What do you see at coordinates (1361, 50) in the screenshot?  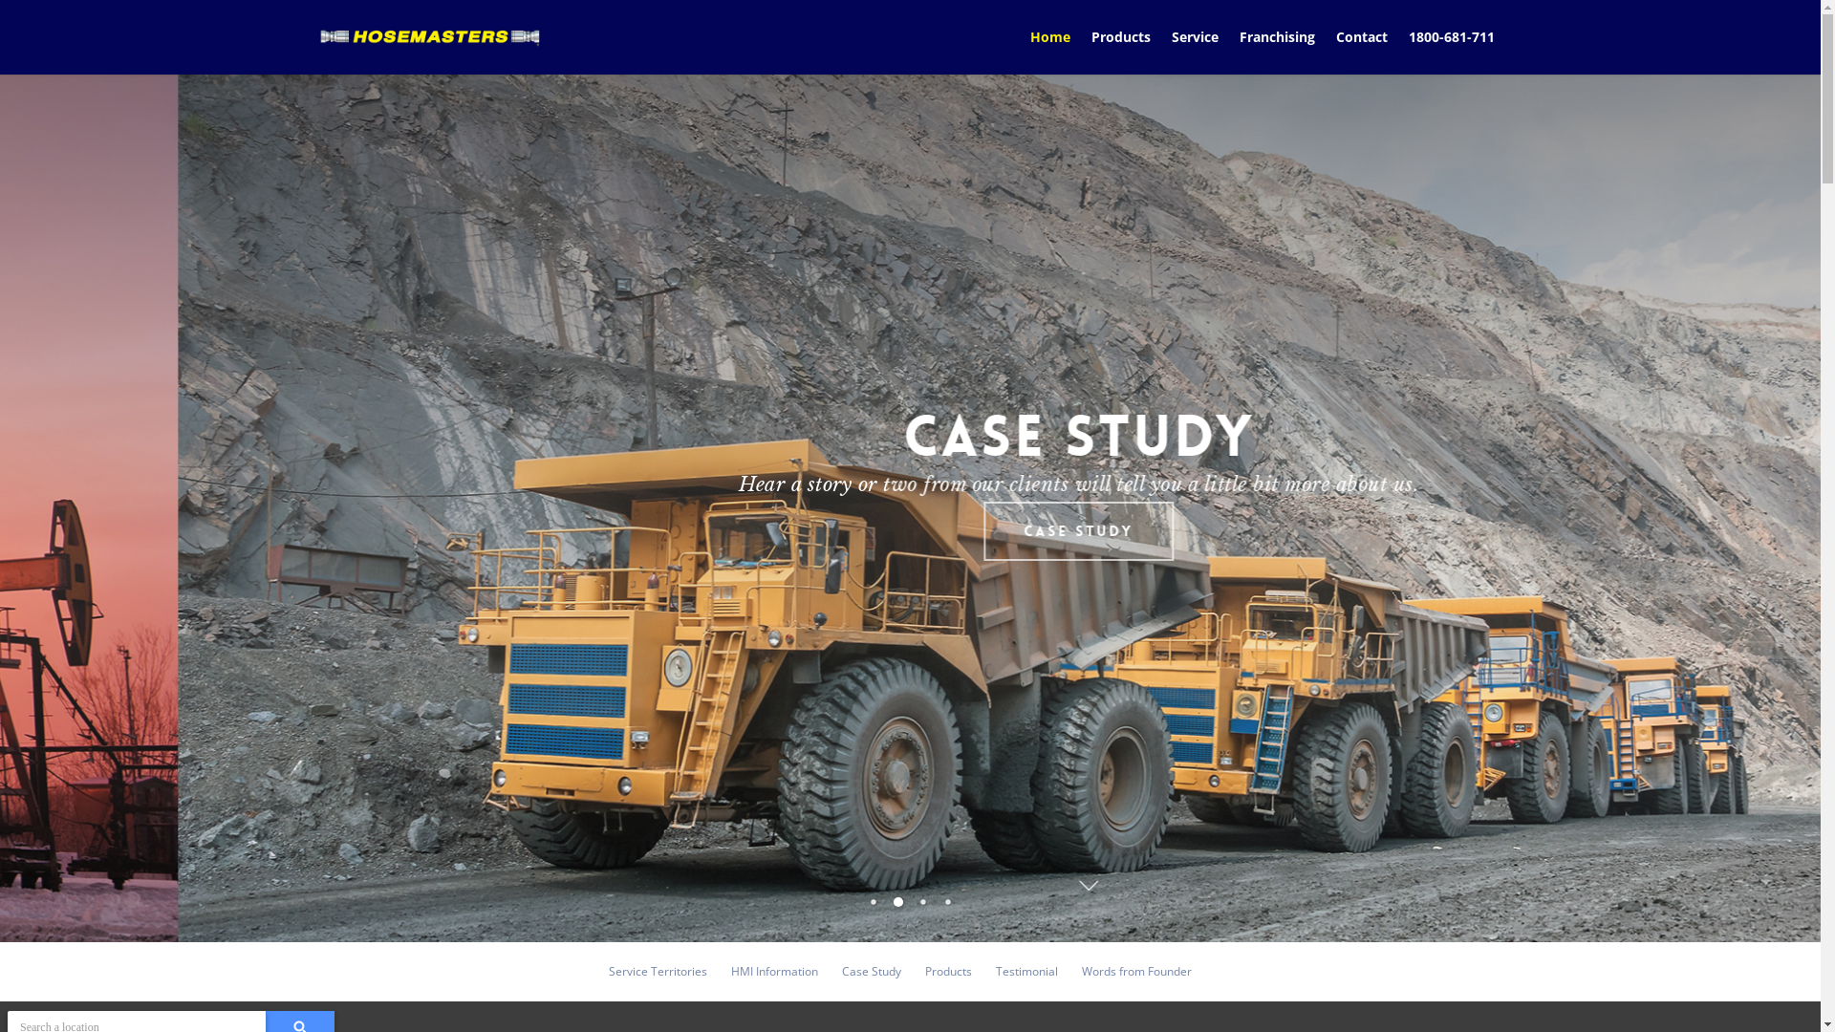 I see `'Contact'` at bounding box center [1361, 50].